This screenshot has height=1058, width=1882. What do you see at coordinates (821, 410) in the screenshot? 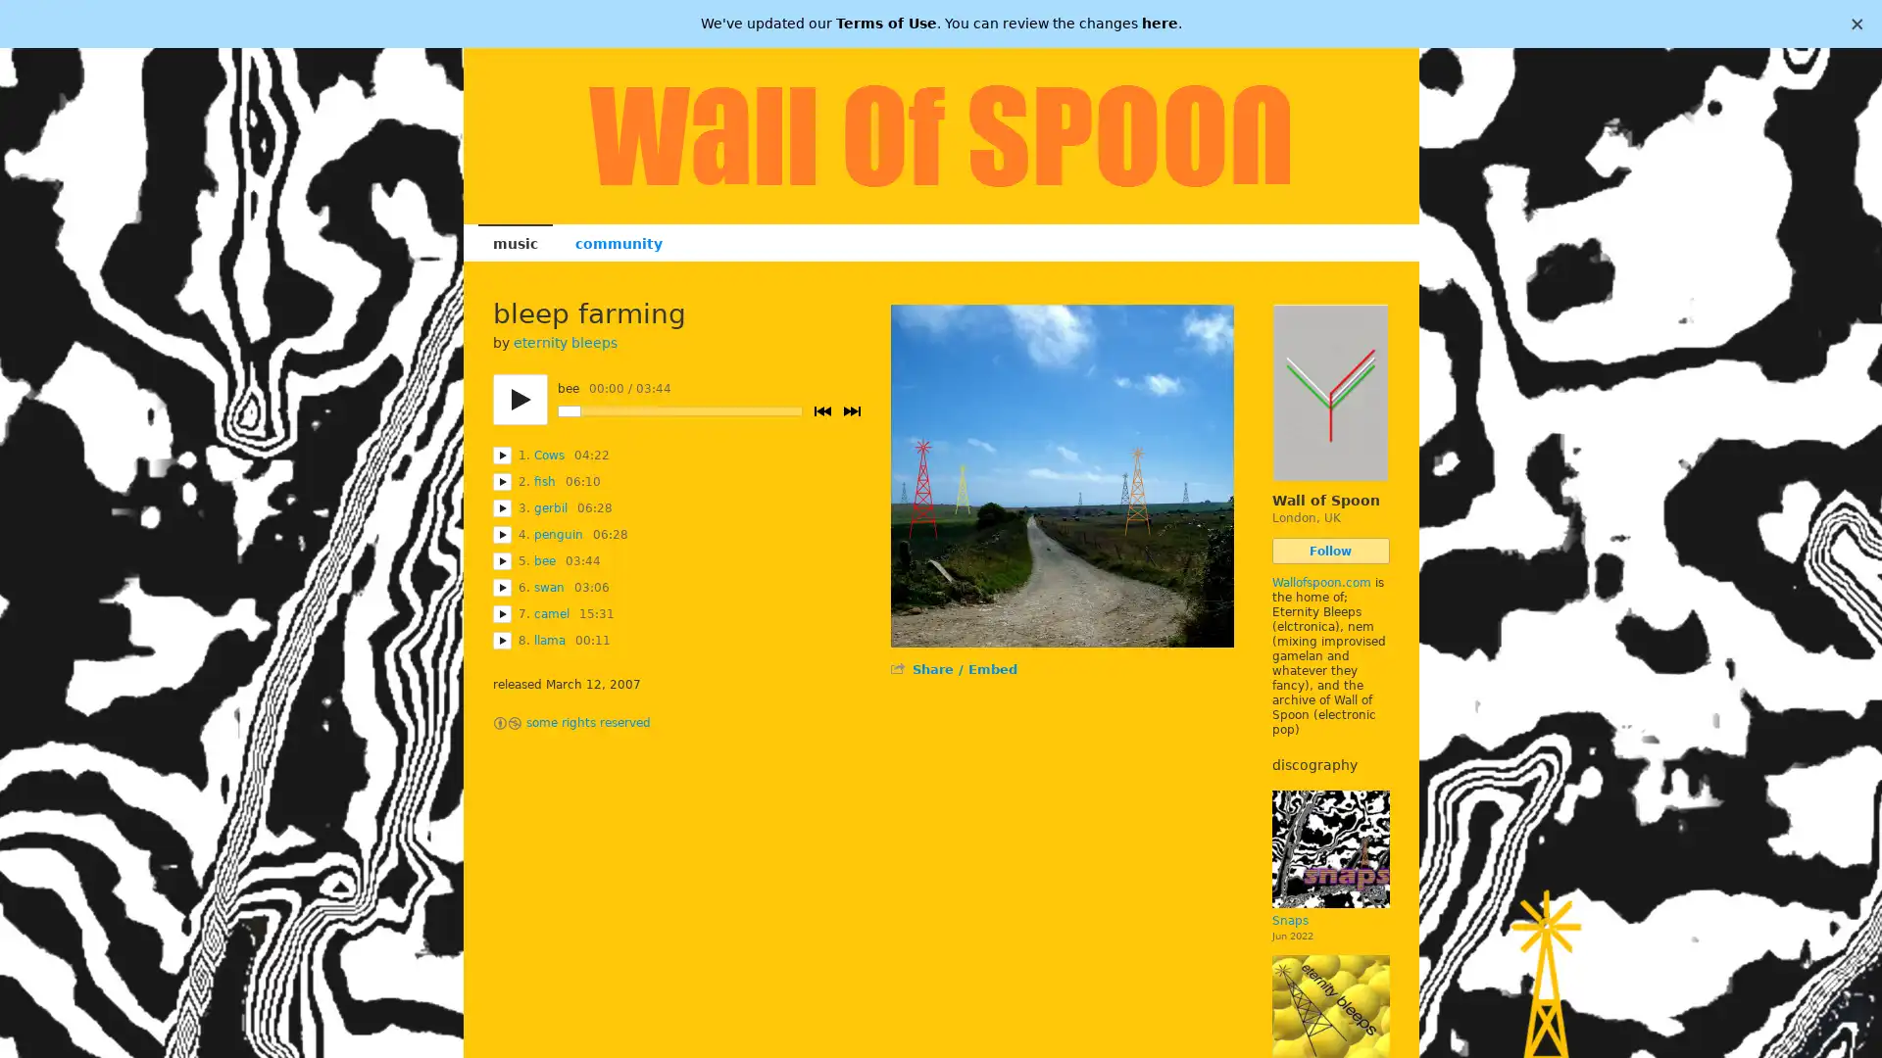
I see `Previous track` at bounding box center [821, 410].